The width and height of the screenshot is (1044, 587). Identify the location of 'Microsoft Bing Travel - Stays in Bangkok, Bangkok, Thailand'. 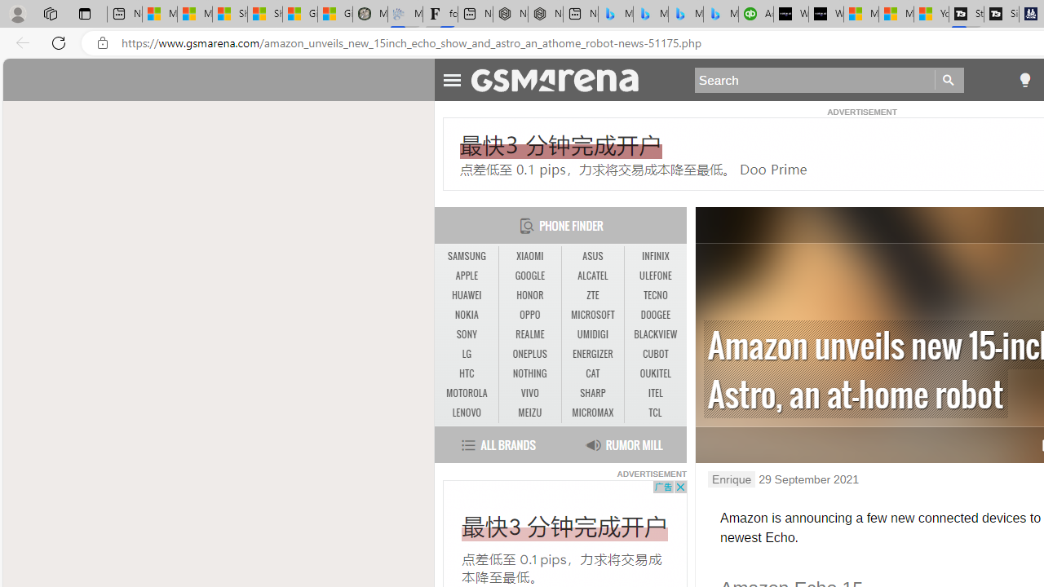
(650, 14).